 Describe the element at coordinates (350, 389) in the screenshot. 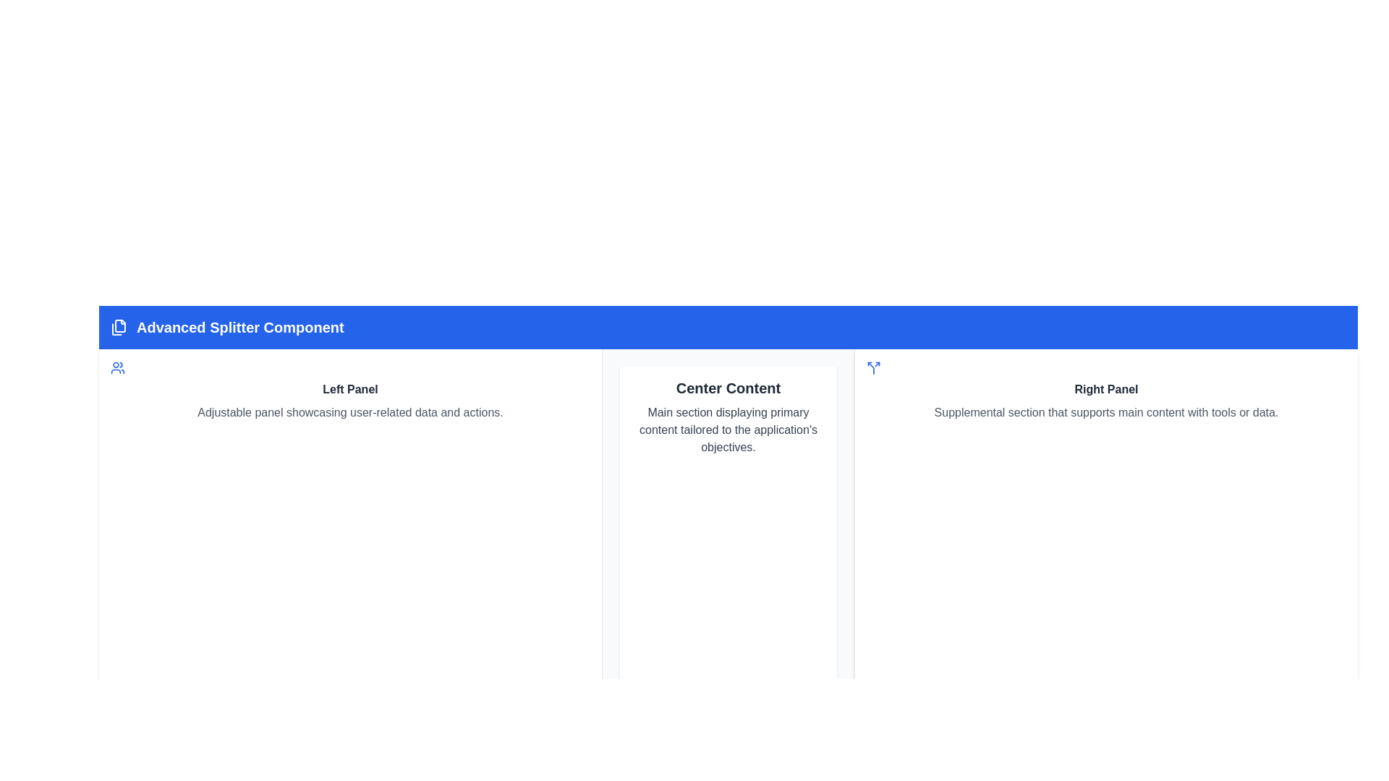

I see `the 'Left Panel' text label, which is a bold gray text positioned above a description text in the left panel group` at that location.